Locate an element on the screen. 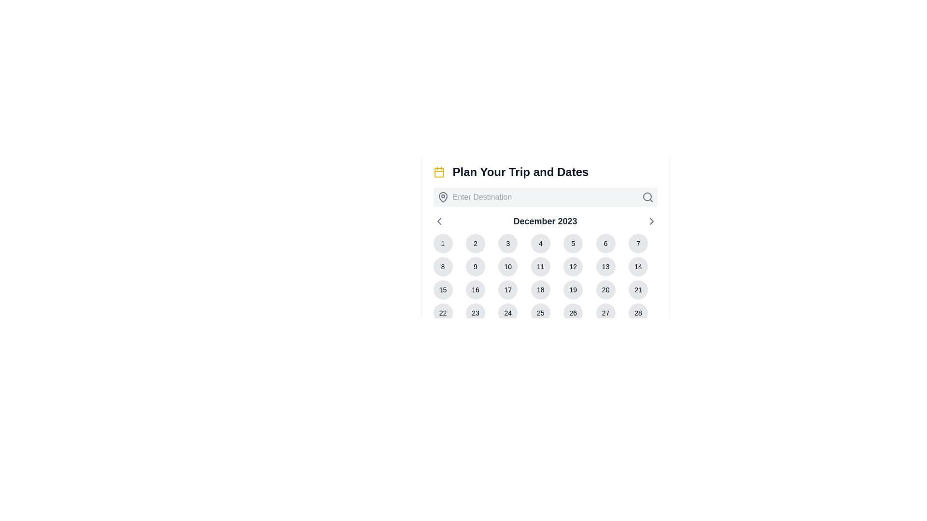 The image size is (927, 521). the left-pointing chevron arrow icon located at the top-left corner of the calendar interface is located at coordinates (438, 221).